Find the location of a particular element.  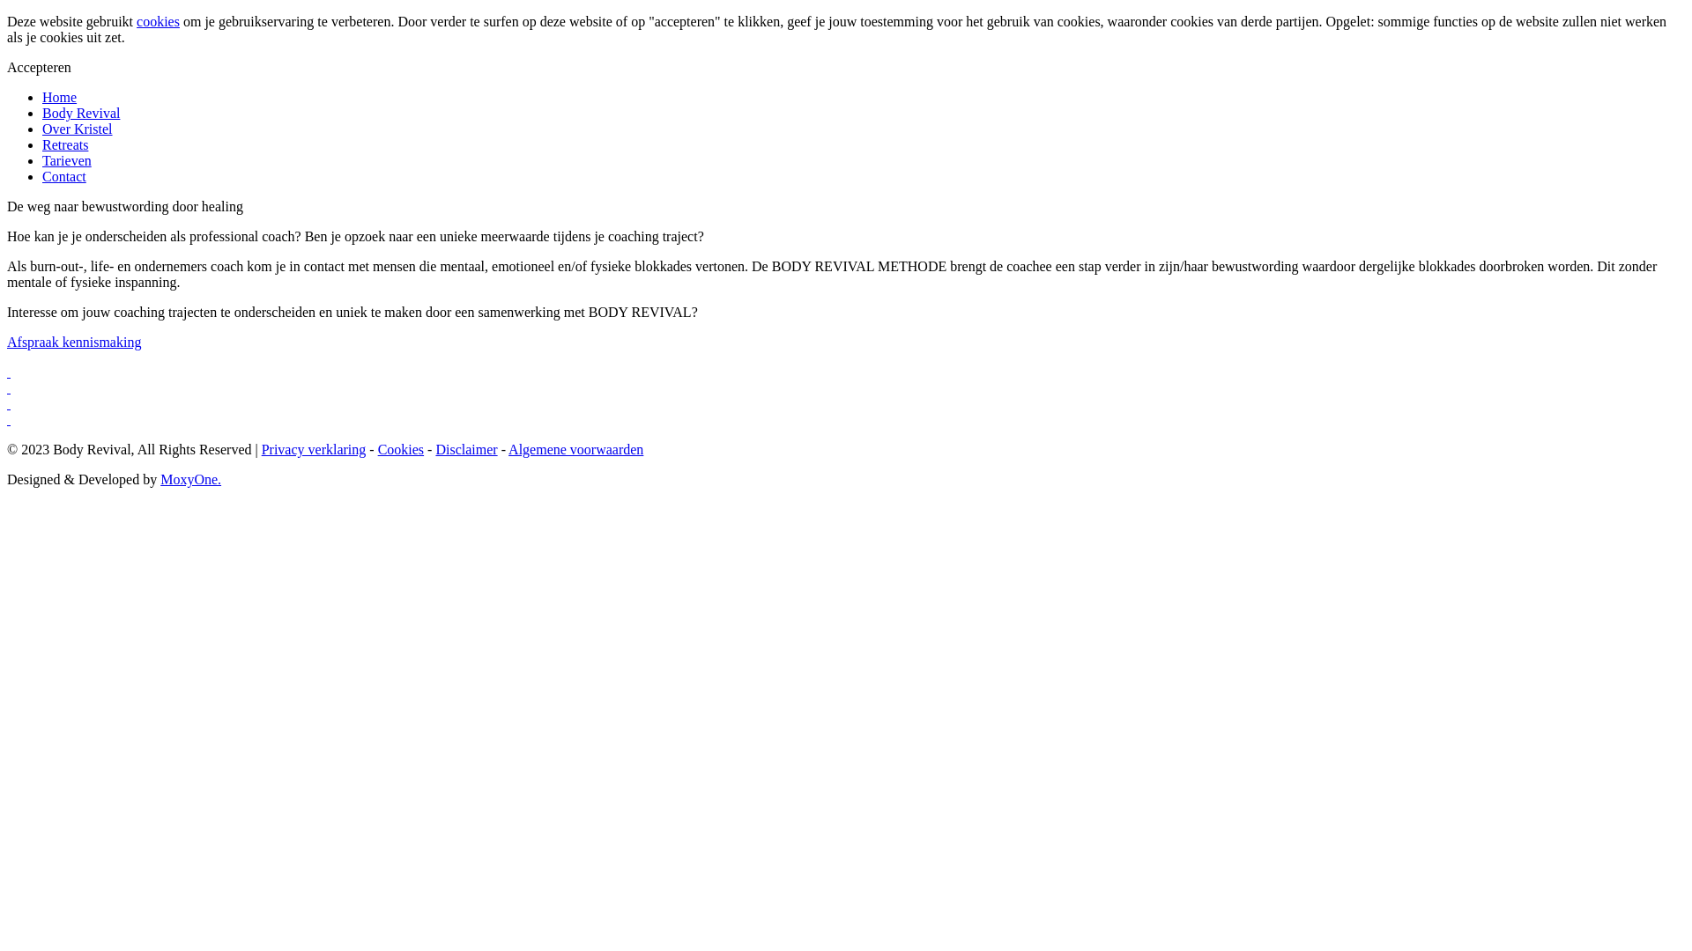

'Over Kristel' is located at coordinates (76, 128).